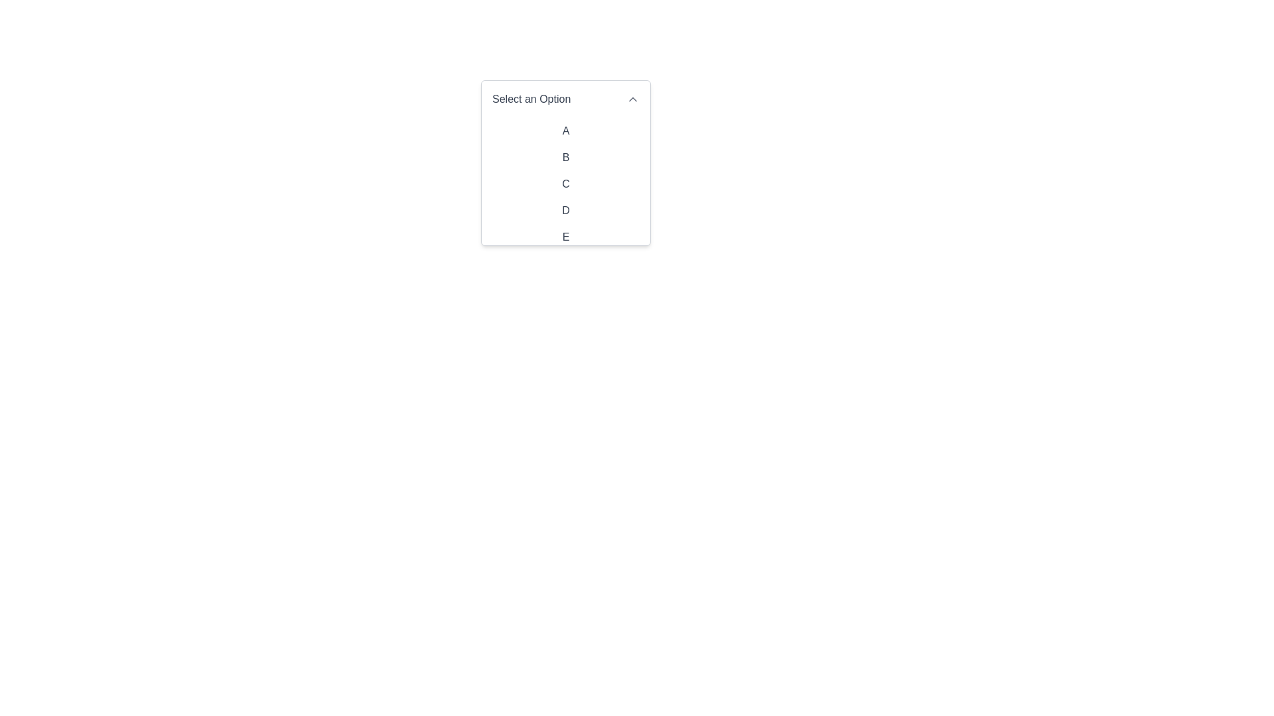 The image size is (1274, 716). What do you see at coordinates (566, 209) in the screenshot?
I see `the fourth item labeled 'D' in the dropdown menu` at bounding box center [566, 209].